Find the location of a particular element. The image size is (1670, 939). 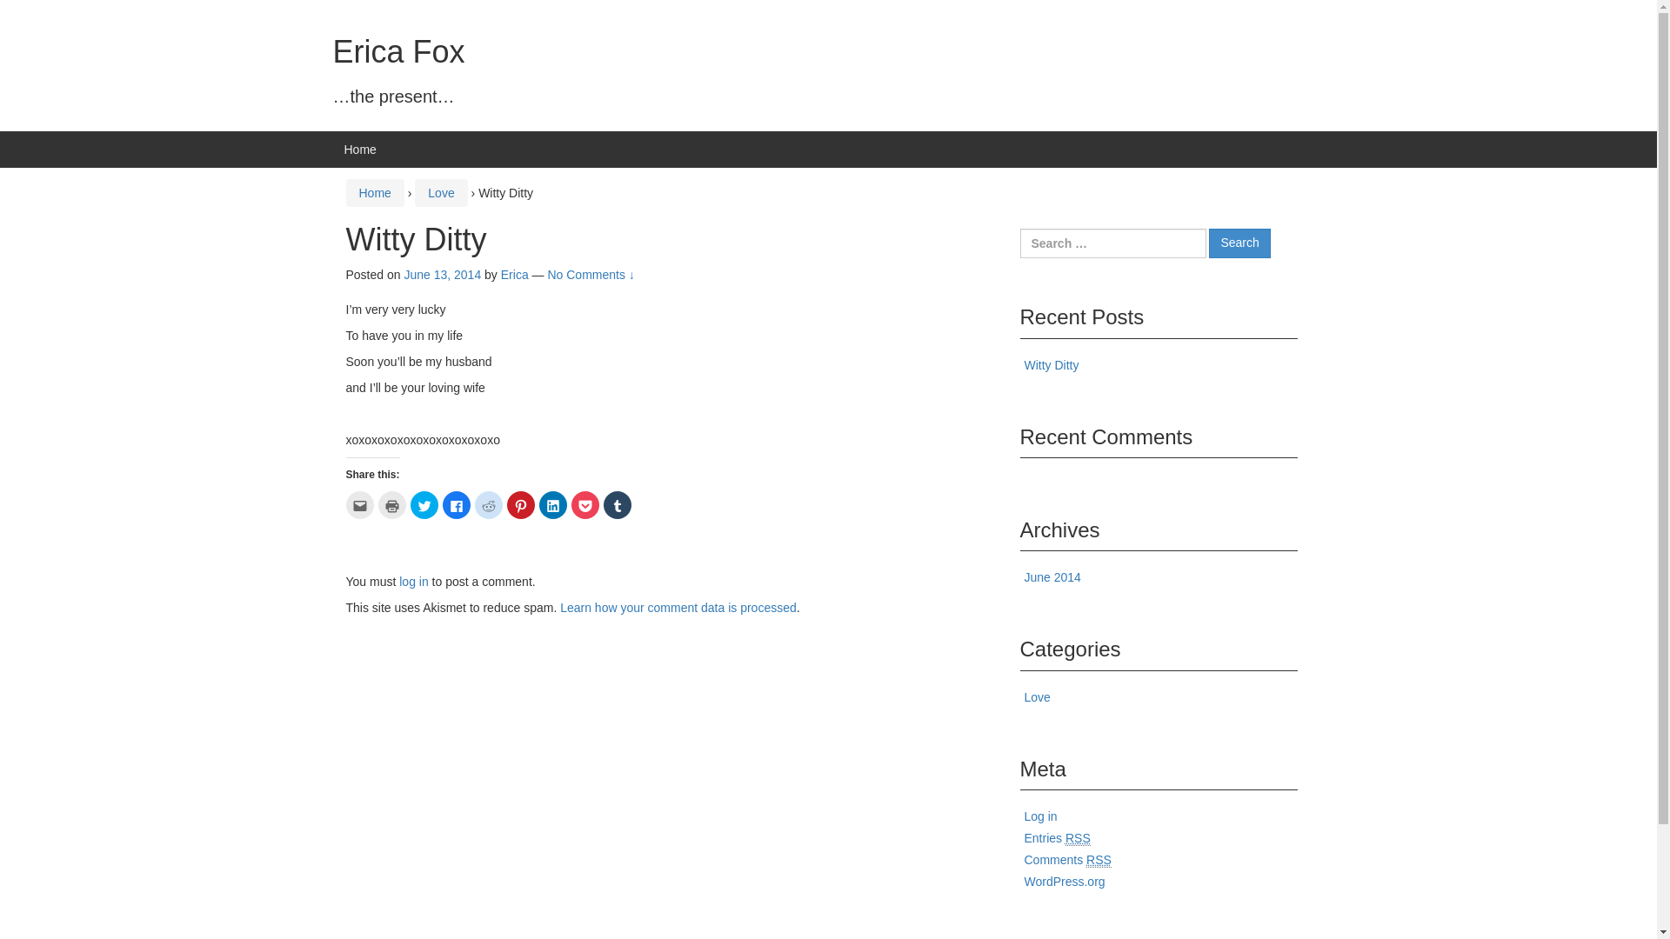

'WordPress.org' is located at coordinates (1064, 882).